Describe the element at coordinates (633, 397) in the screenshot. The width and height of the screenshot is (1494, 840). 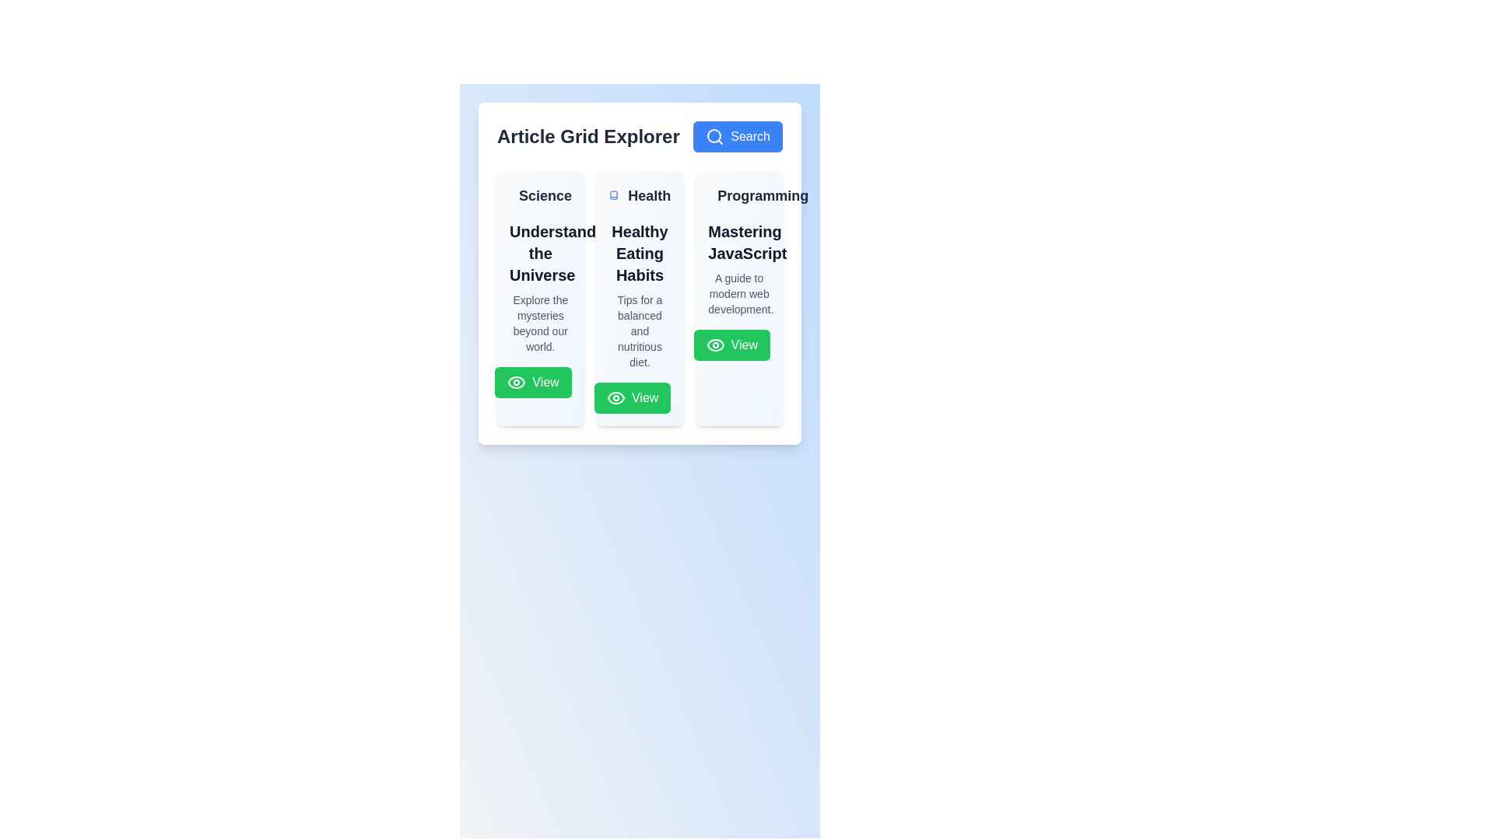
I see `the 'View' button with a bright green background and white text, located in the 'Healthy Eating Habits' card of the 'Article Grid Explorer' section` at that location.